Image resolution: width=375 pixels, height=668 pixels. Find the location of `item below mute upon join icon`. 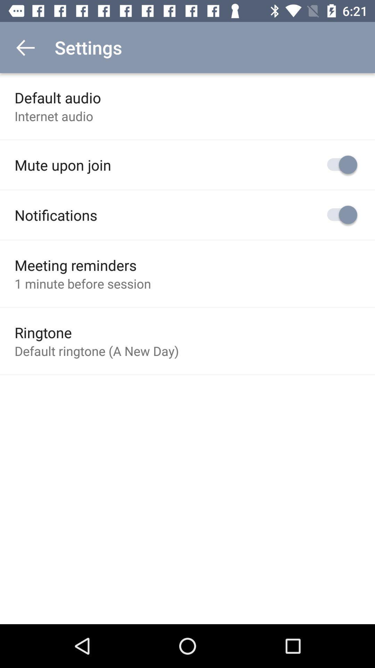

item below mute upon join icon is located at coordinates (56, 215).